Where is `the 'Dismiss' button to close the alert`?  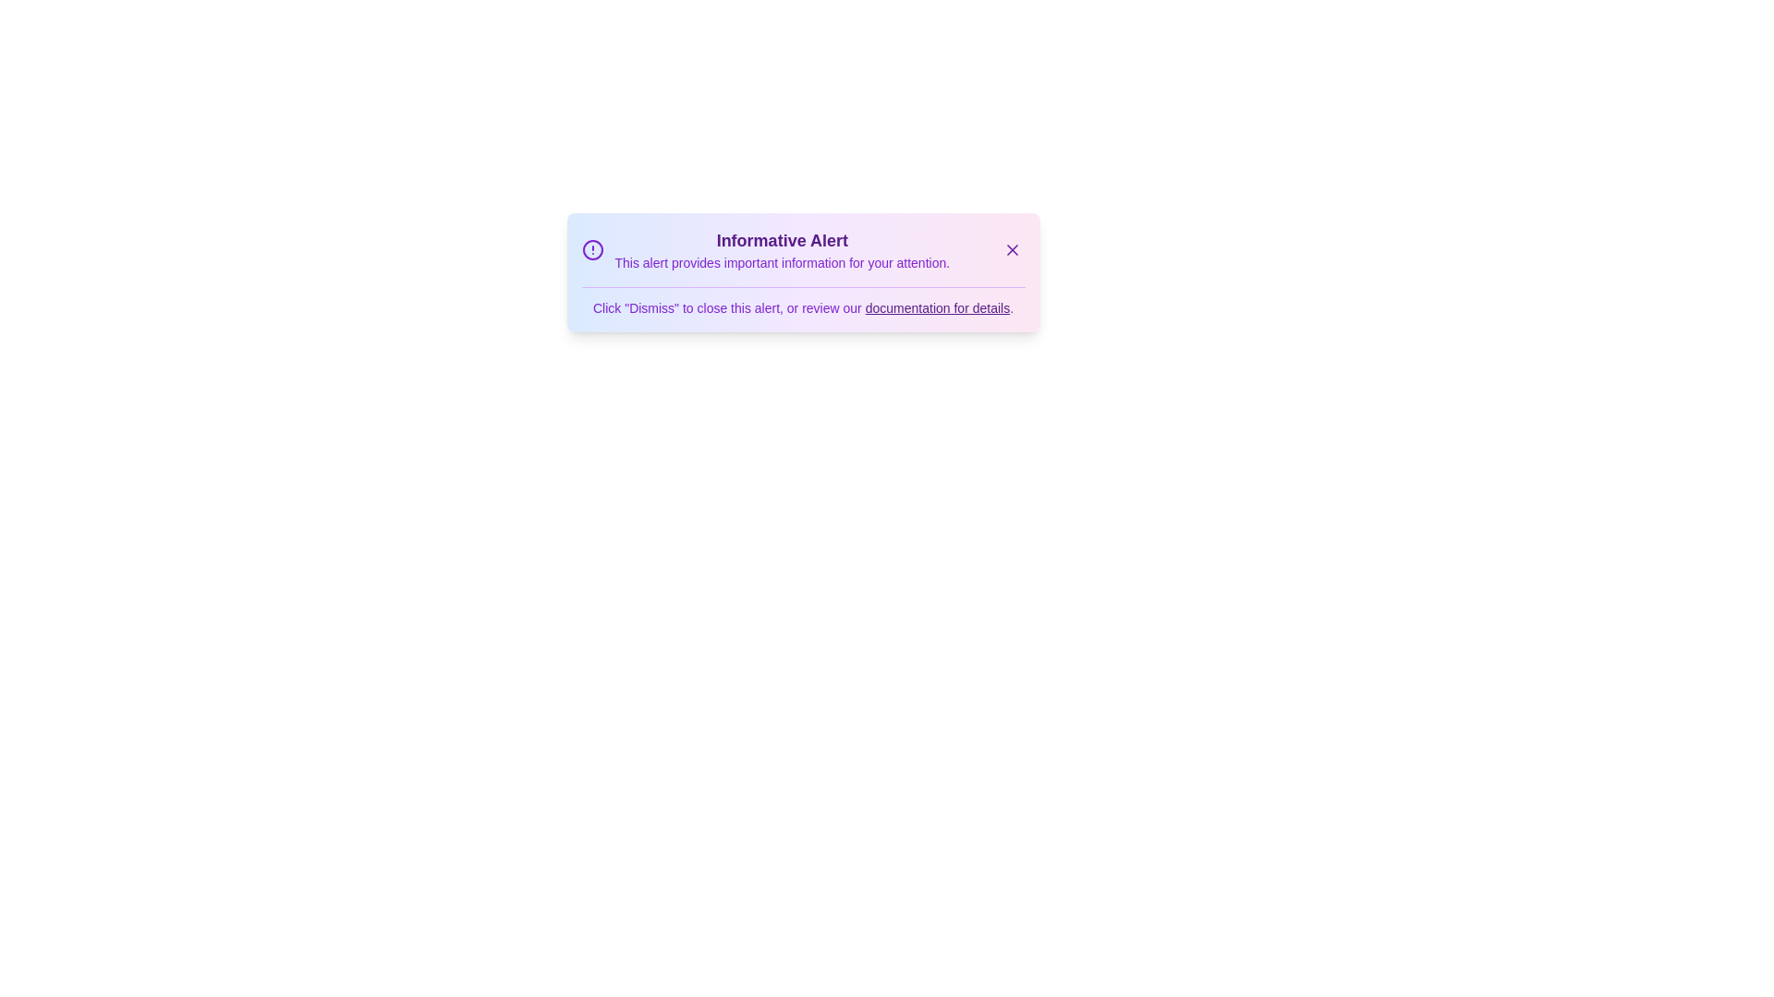 the 'Dismiss' button to close the alert is located at coordinates (1011, 249).